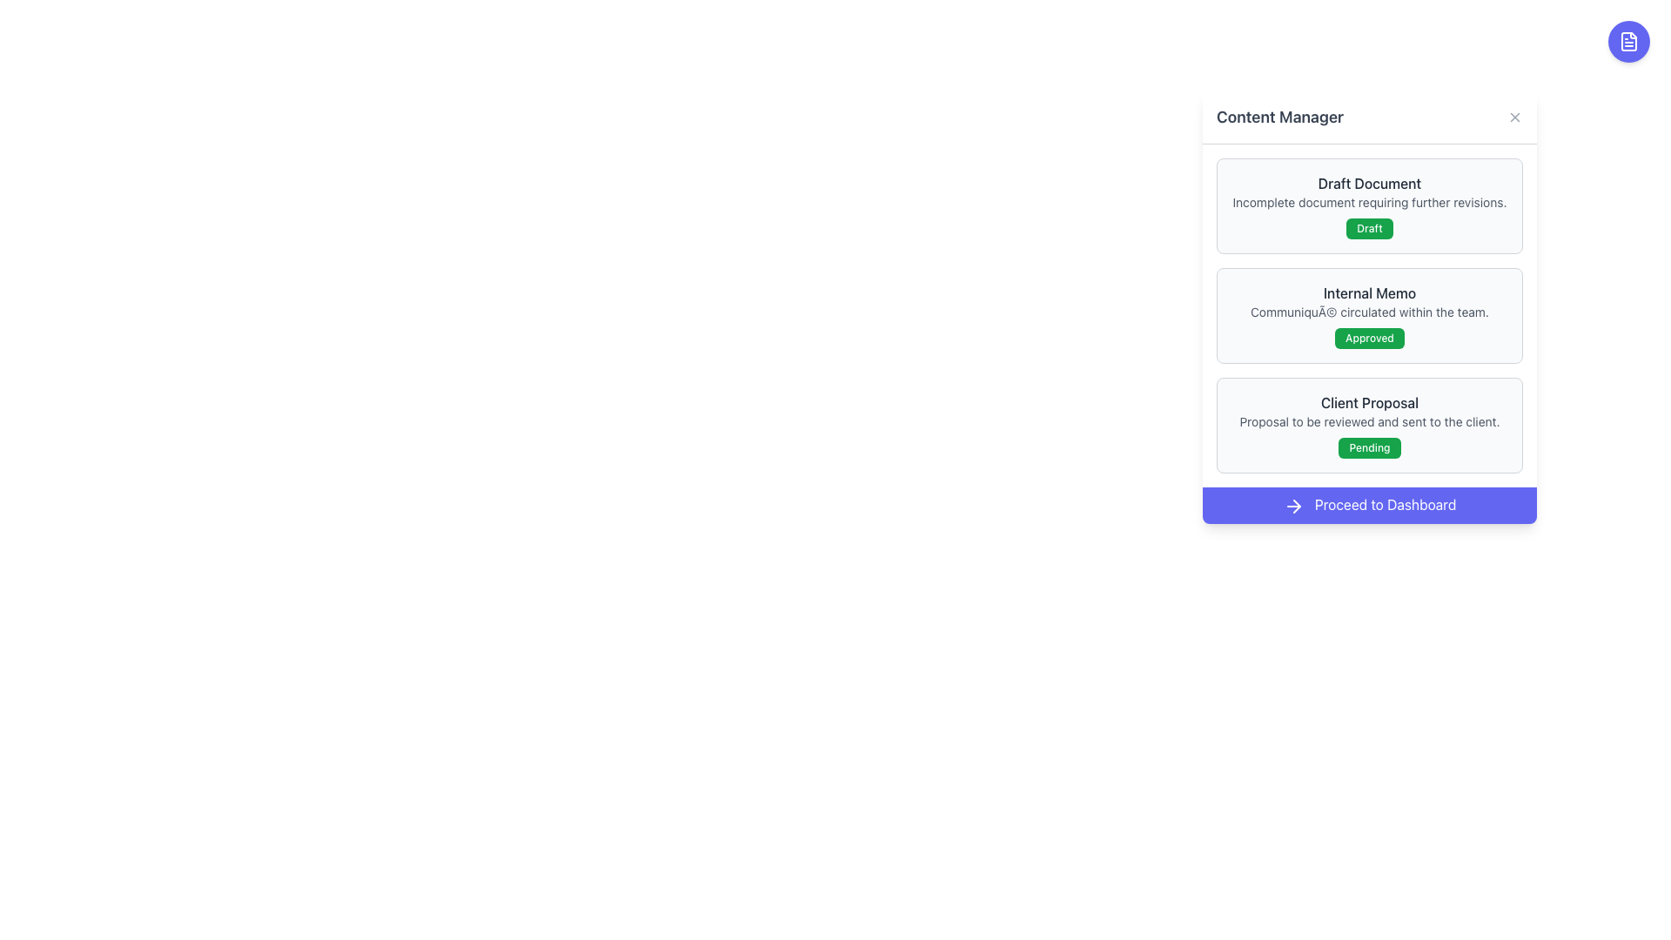  Describe the element at coordinates (1369, 447) in the screenshot. I see `the 'Pending' status label indicating the status of the 'Client Proposal' section located in the 'Content Manager' panel` at that location.